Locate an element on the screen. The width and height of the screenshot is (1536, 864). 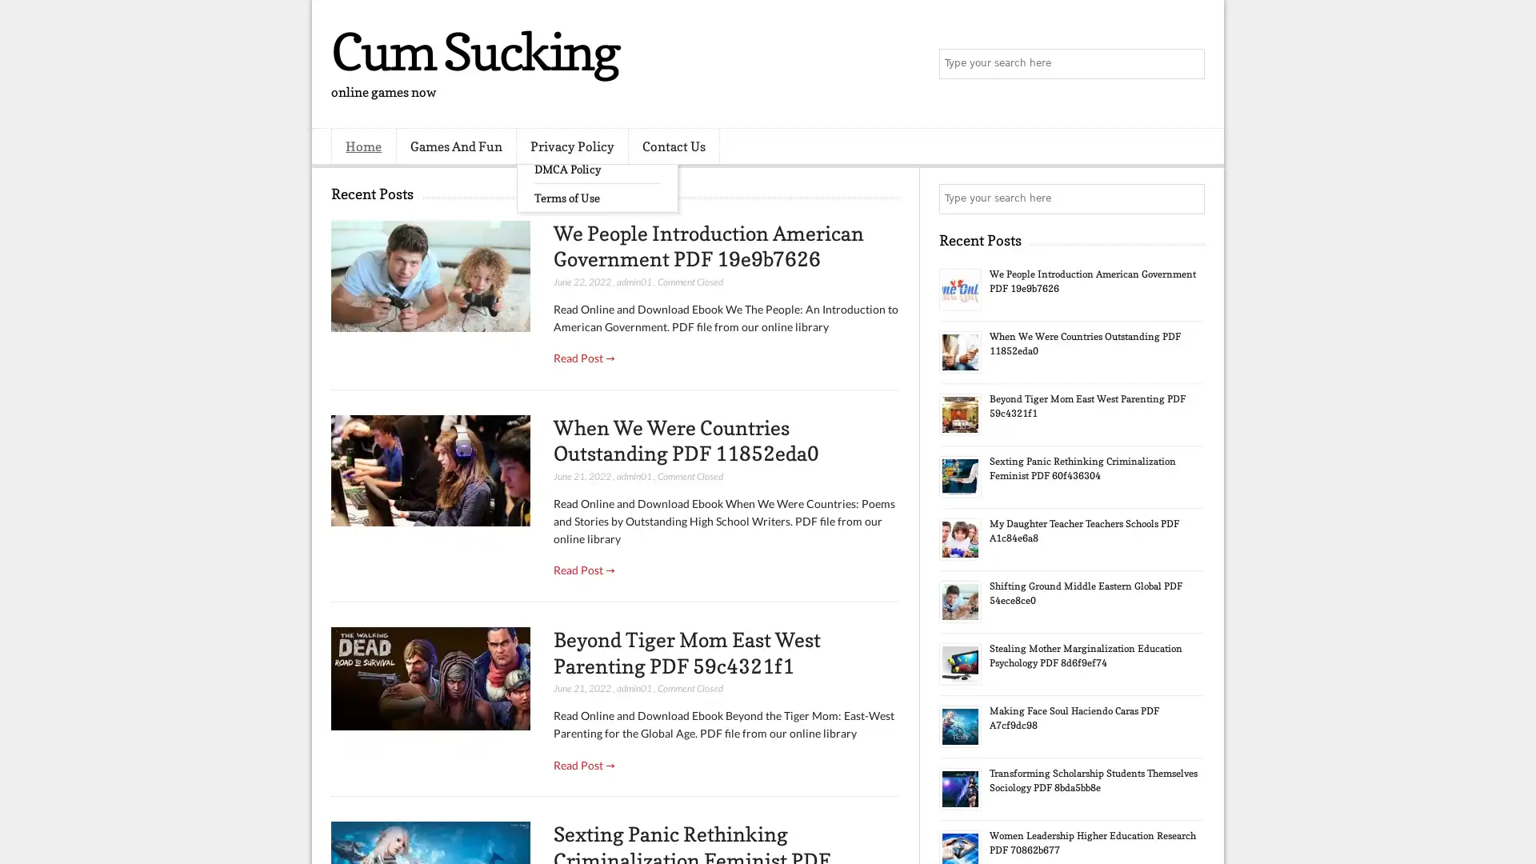
Search is located at coordinates (1188, 198).